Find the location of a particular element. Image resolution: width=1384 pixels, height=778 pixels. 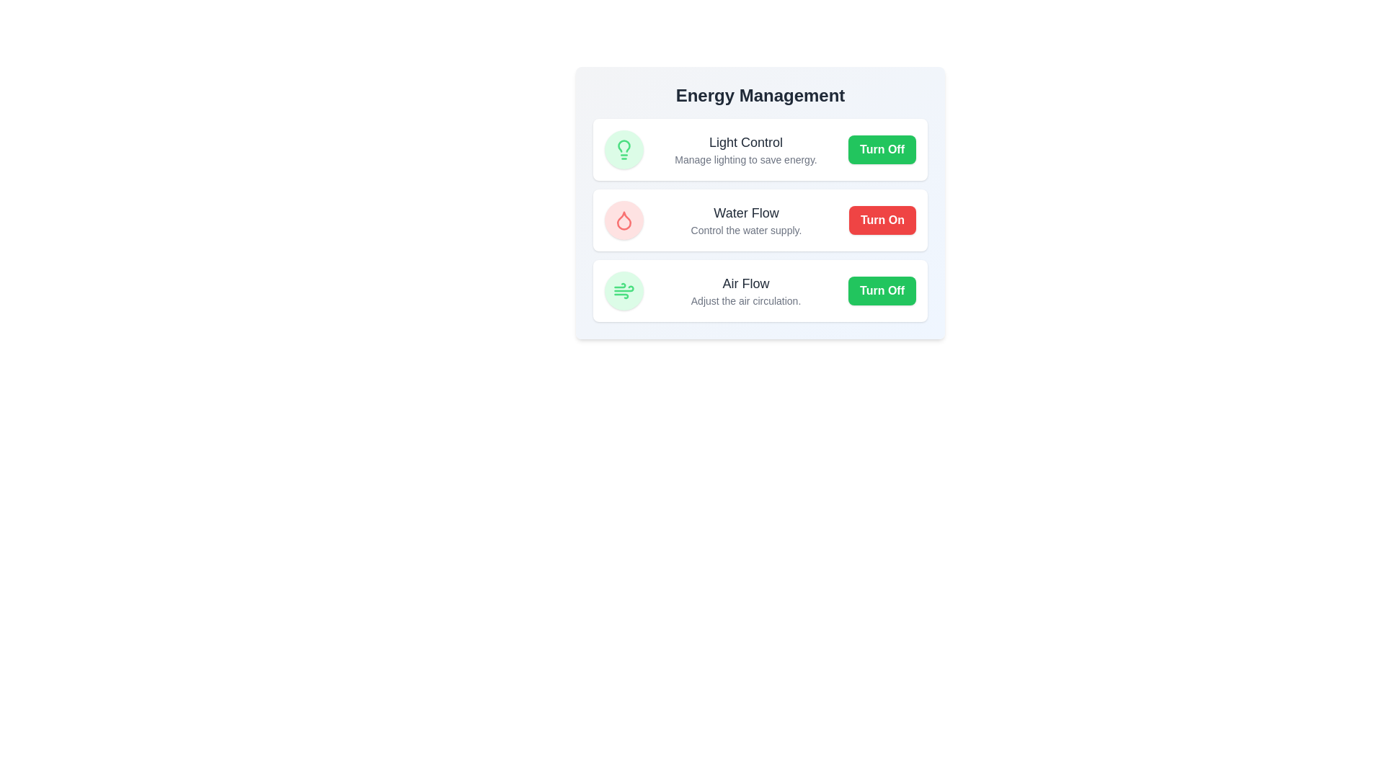

the red-colored drop-shaped icon representing water flow, located in the second card to the left of the 'Water Flow' text and 'Turn On' button is located at coordinates (624, 220).